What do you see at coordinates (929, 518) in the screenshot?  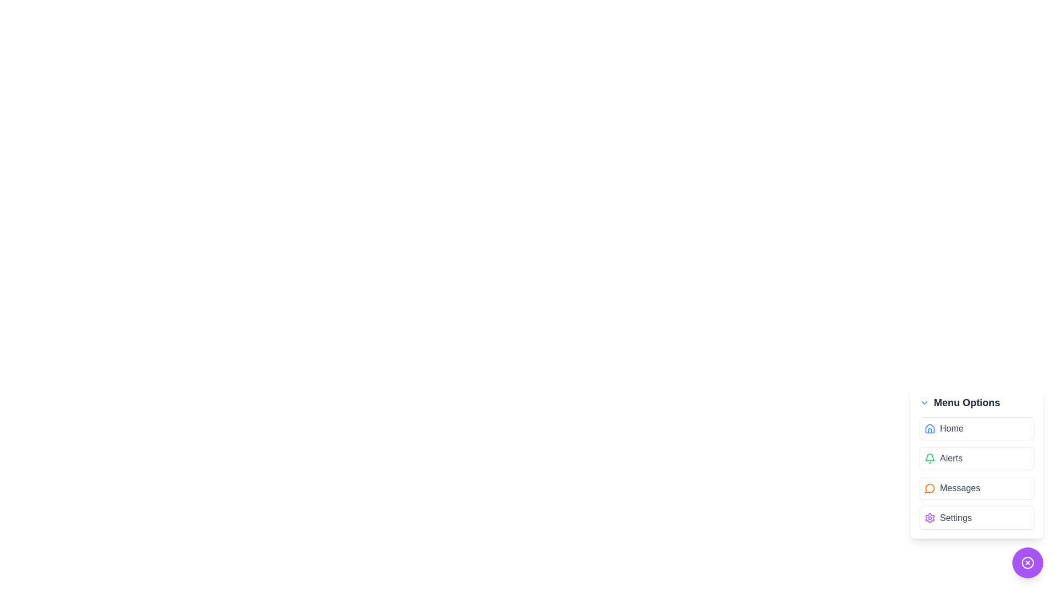 I see `the icon representing the 'Settings' menu item, located within the fourth position of the vertical list under 'Menu Options'` at bounding box center [929, 518].